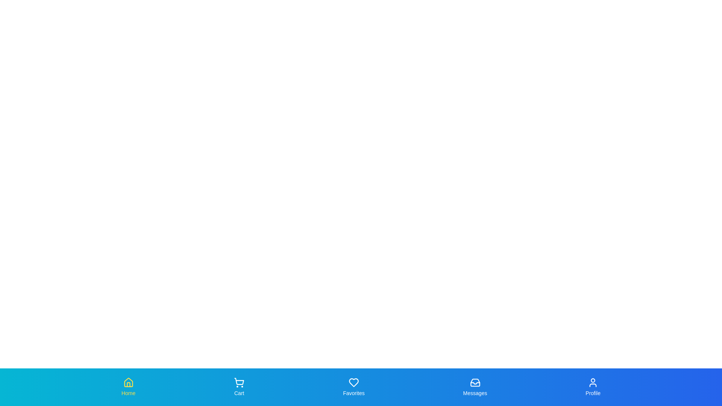  What do you see at coordinates (593, 387) in the screenshot?
I see `the Profile tab to observe its hover effect` at bounding box center [593, 387].